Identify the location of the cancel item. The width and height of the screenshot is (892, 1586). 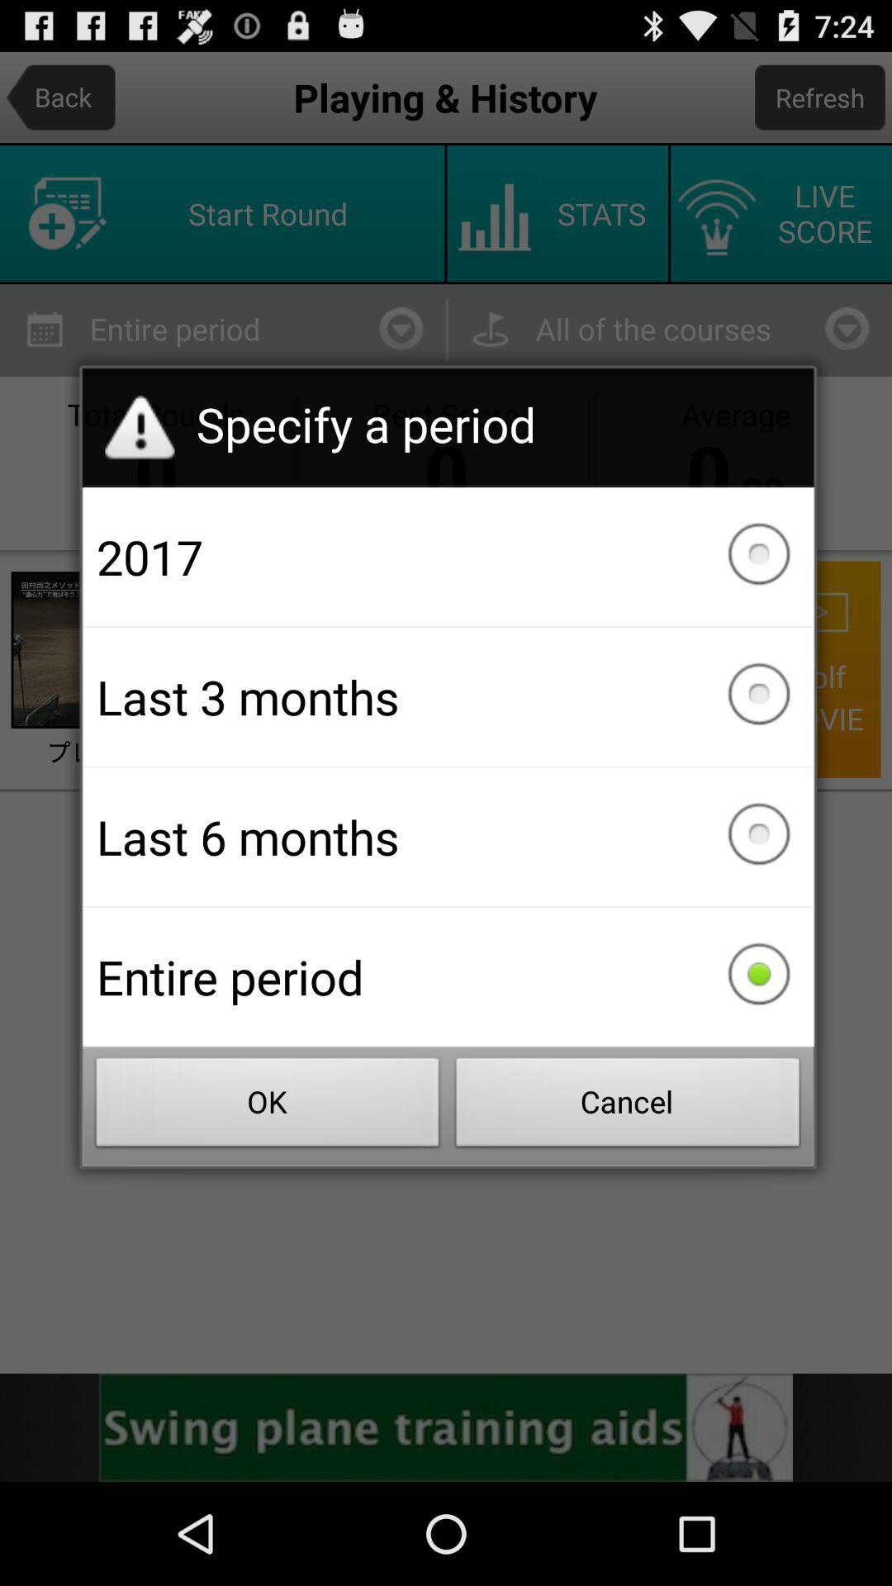
(628, 1107).